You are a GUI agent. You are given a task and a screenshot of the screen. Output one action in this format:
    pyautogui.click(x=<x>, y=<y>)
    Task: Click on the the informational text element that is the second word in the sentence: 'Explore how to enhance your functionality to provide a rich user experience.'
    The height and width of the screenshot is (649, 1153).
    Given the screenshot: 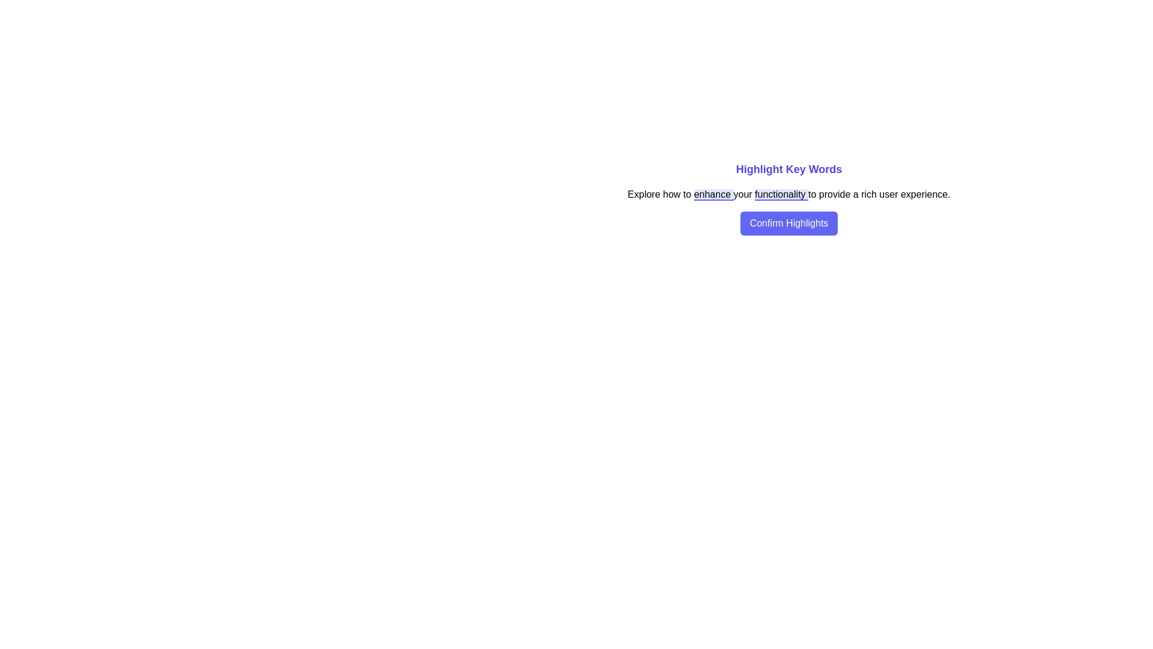 What is the action you would take?
    pyautogui.click(x=673, y=194)
    